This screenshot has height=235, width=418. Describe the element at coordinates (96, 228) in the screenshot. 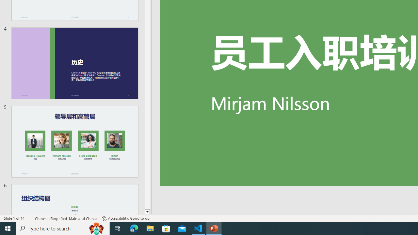

I see `'Search highlights icon opens search home window'` at that location.